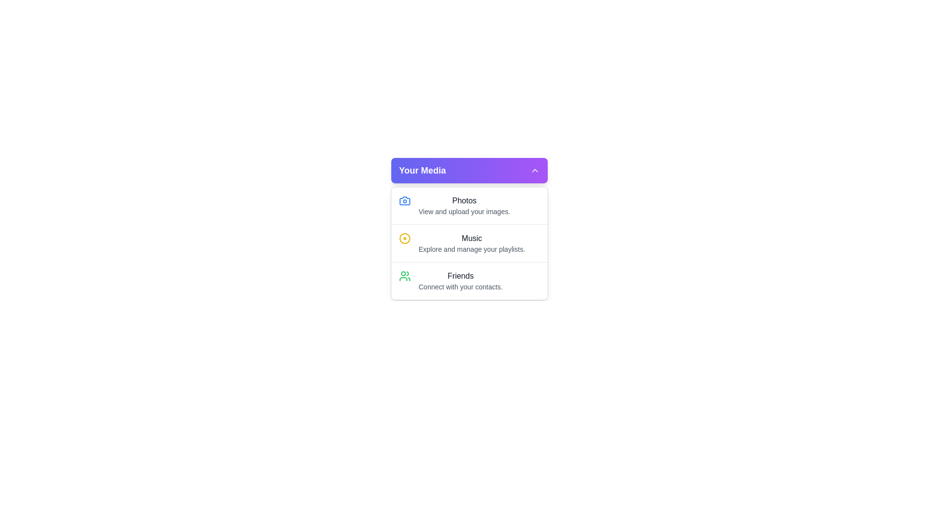 This screenshot has height=528, width=939. Describe the element at coordinates (535, 170) in the screenshot. I see `the upward-pointing chevron icon located at the top-right corner of the 'Your Media' header` at that location.